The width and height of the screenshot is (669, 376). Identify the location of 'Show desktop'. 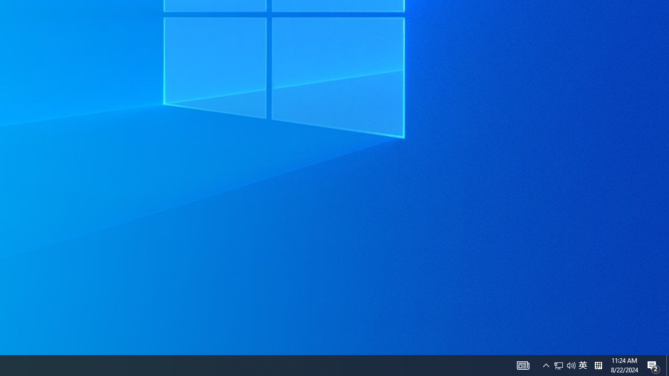
(653, 365).